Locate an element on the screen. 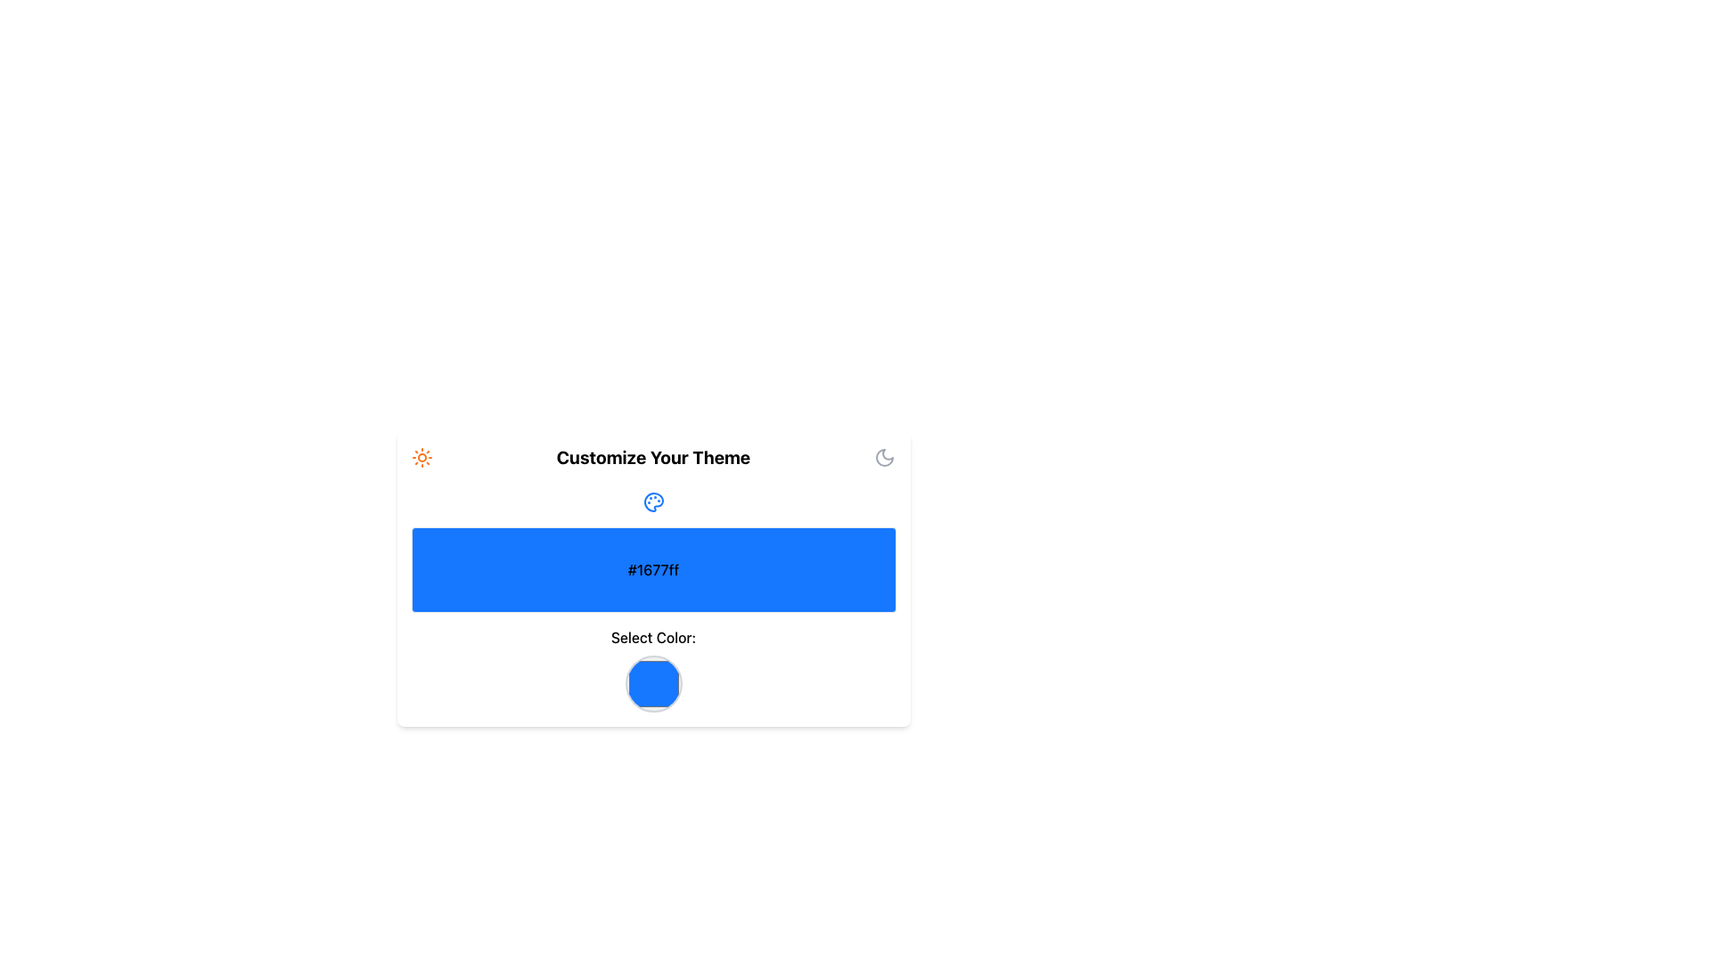 The height and width of the screenshot is (962, 1711). the Text Label indicating the theme customization section to highlight it for the user is located at coordinates (652, 456).